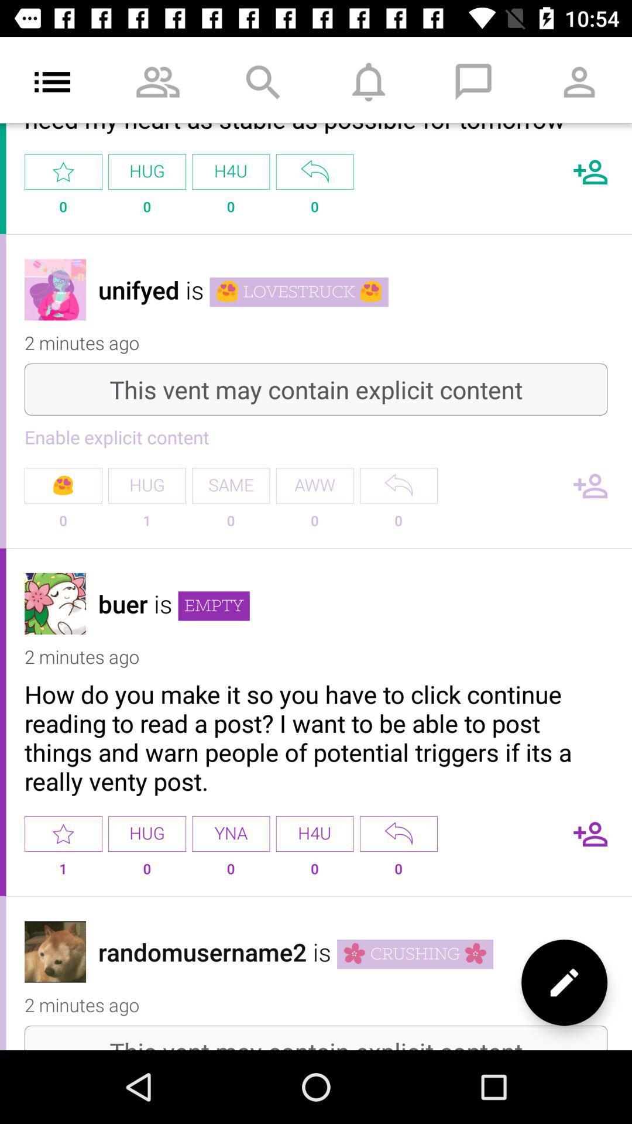  What do you see at coordinates (590, 485) in the screenshot?
I see `friend` at bounding box center [590, 485].